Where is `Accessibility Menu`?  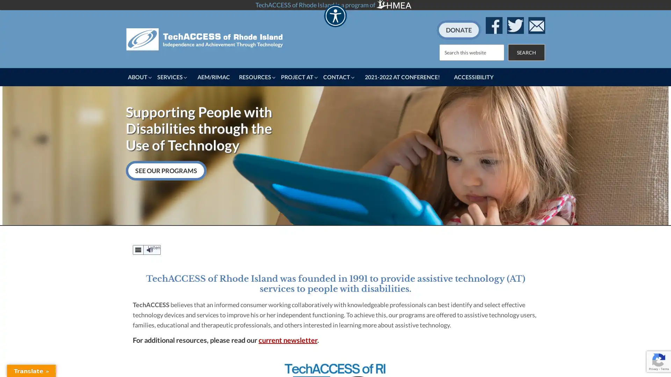 Accessibility Menu is located at coordinates (335, 16).